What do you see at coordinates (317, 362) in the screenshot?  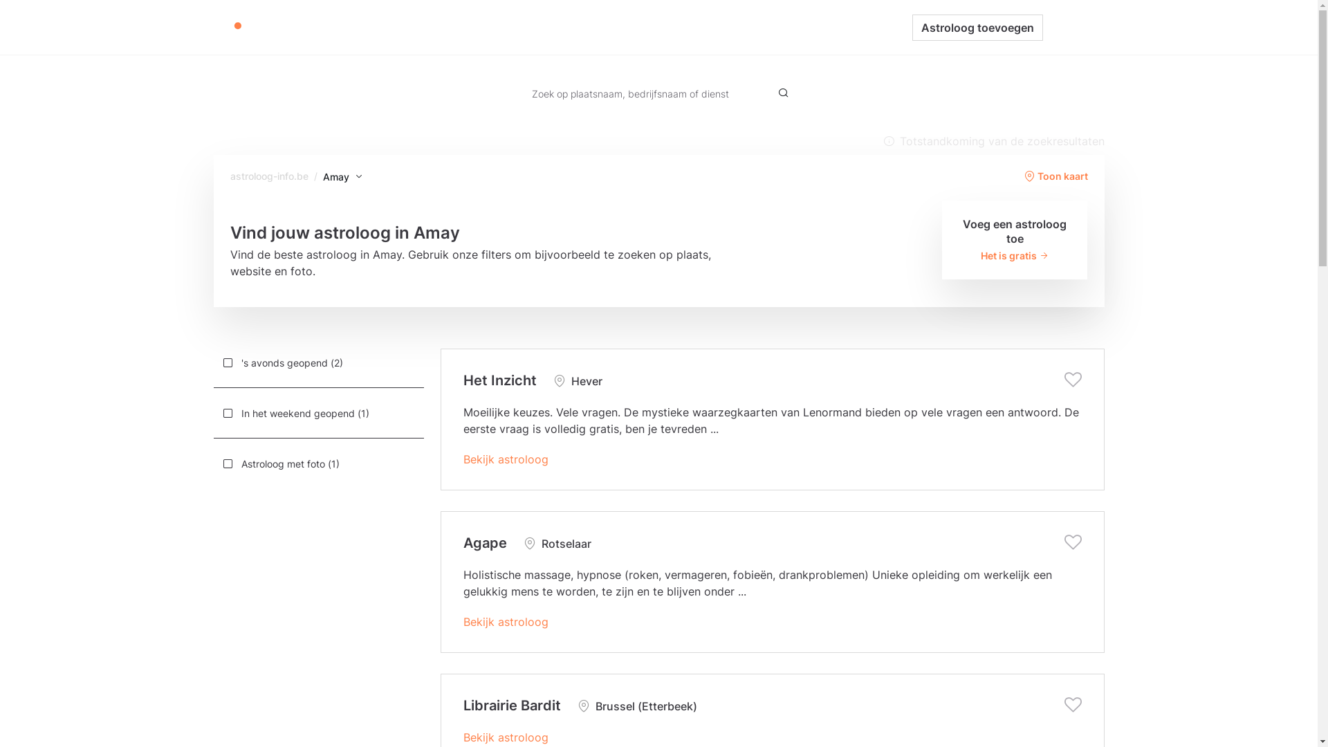 I see `''s avonds geopend (2)'` at bounding box center [317, 362].